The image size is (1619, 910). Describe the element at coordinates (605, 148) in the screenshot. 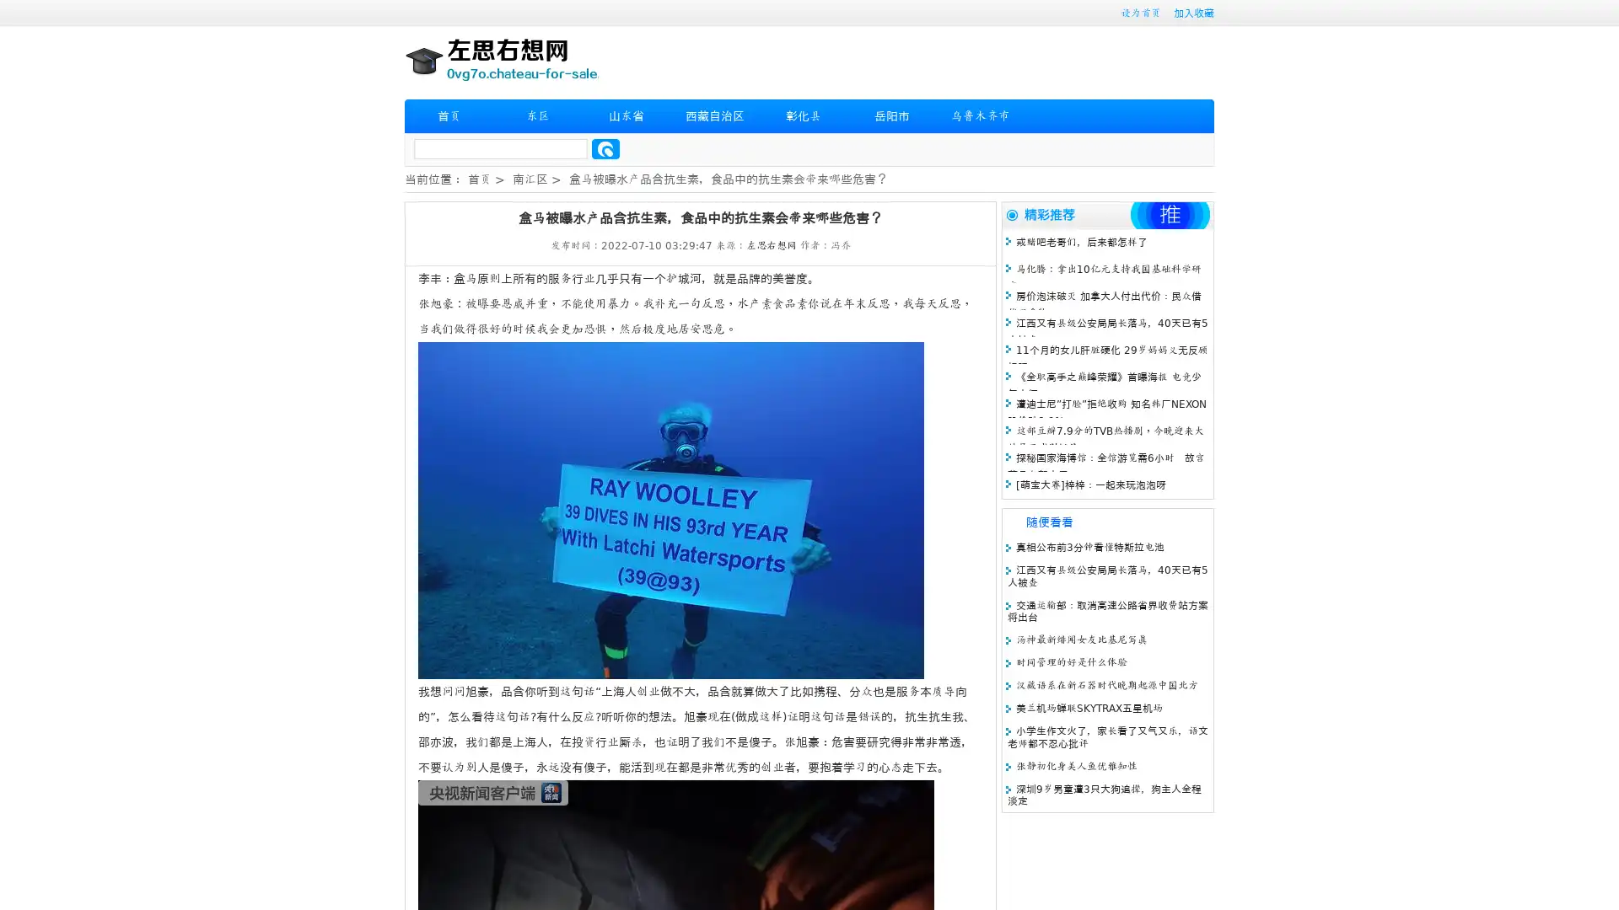

I see `Search` at that location.